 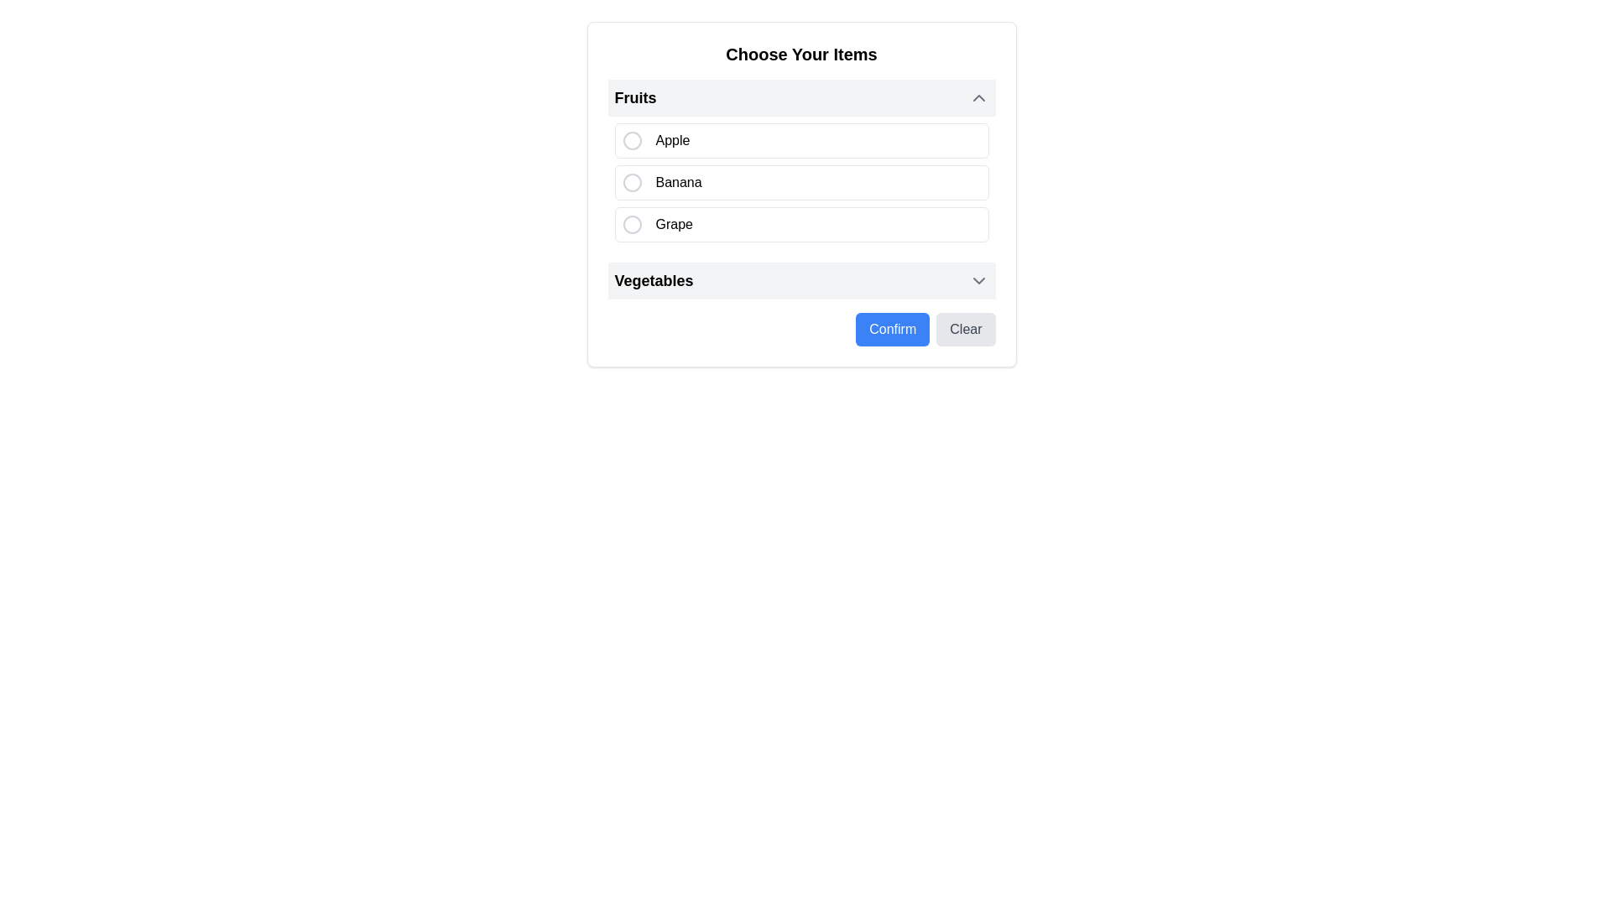 What do you see at coordinates (672, 140) in the screenshot?
I see `the static text label 'Apple', which is styled in black and located adjacent to a circular radio button in the first option of the 'Fruits' list in the selection menu` at bounding box center [672, 140].